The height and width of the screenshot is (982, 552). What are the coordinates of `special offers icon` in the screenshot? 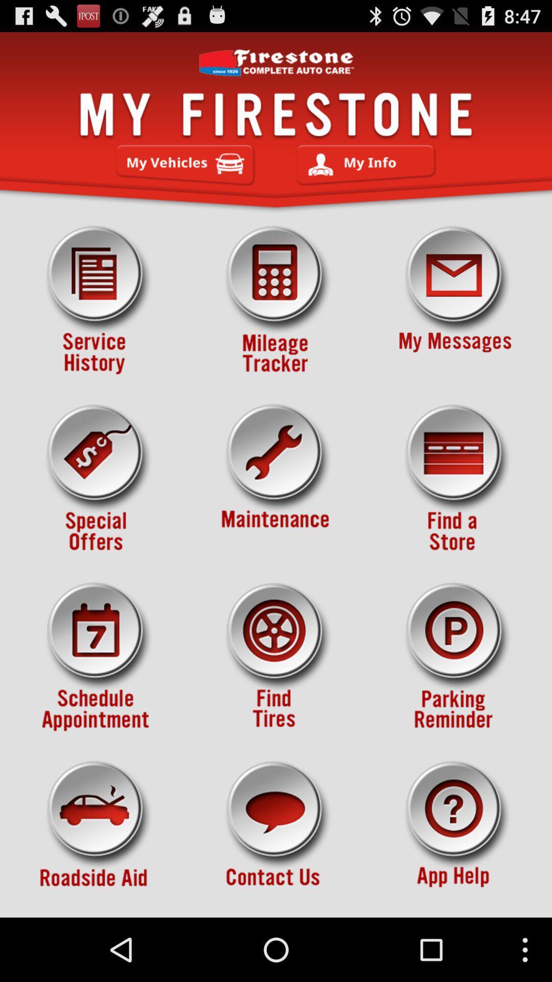 It's located at (97, 478).